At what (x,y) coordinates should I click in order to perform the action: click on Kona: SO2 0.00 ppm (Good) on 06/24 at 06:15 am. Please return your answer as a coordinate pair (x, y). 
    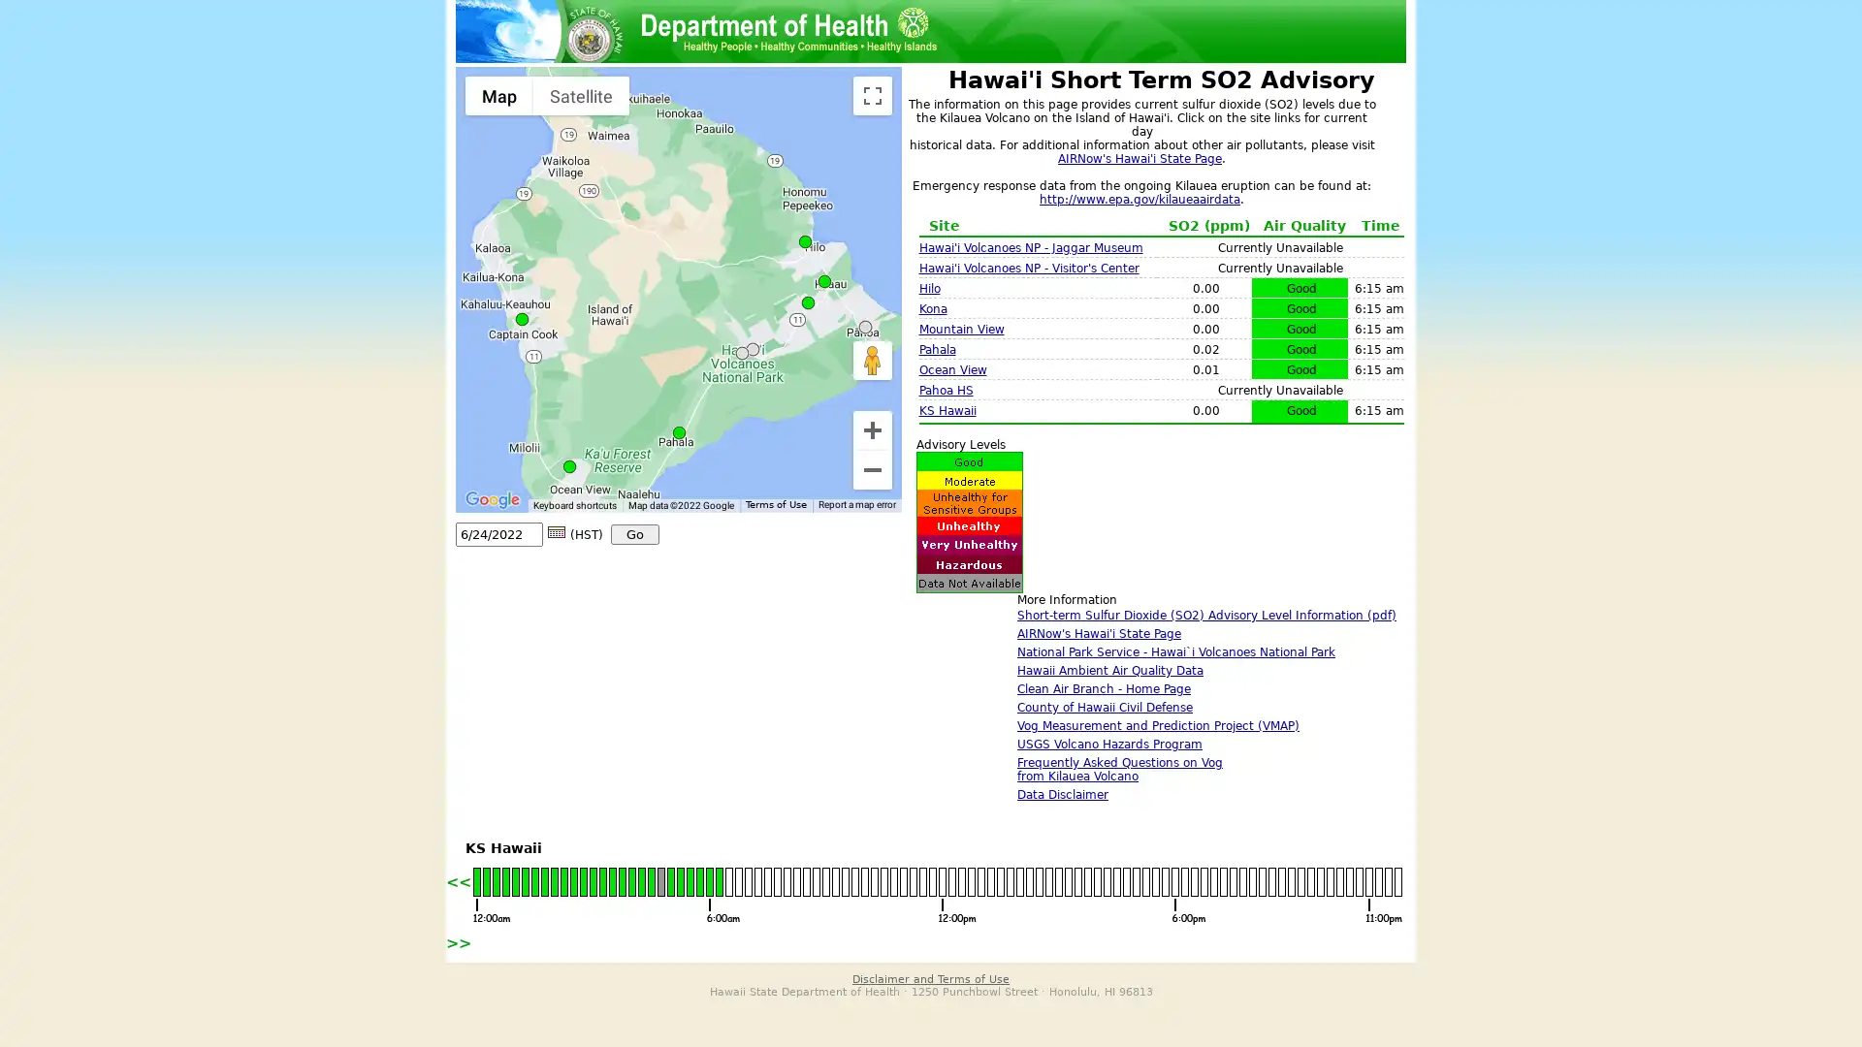
    Looking at the image, I should click on (522, 318).